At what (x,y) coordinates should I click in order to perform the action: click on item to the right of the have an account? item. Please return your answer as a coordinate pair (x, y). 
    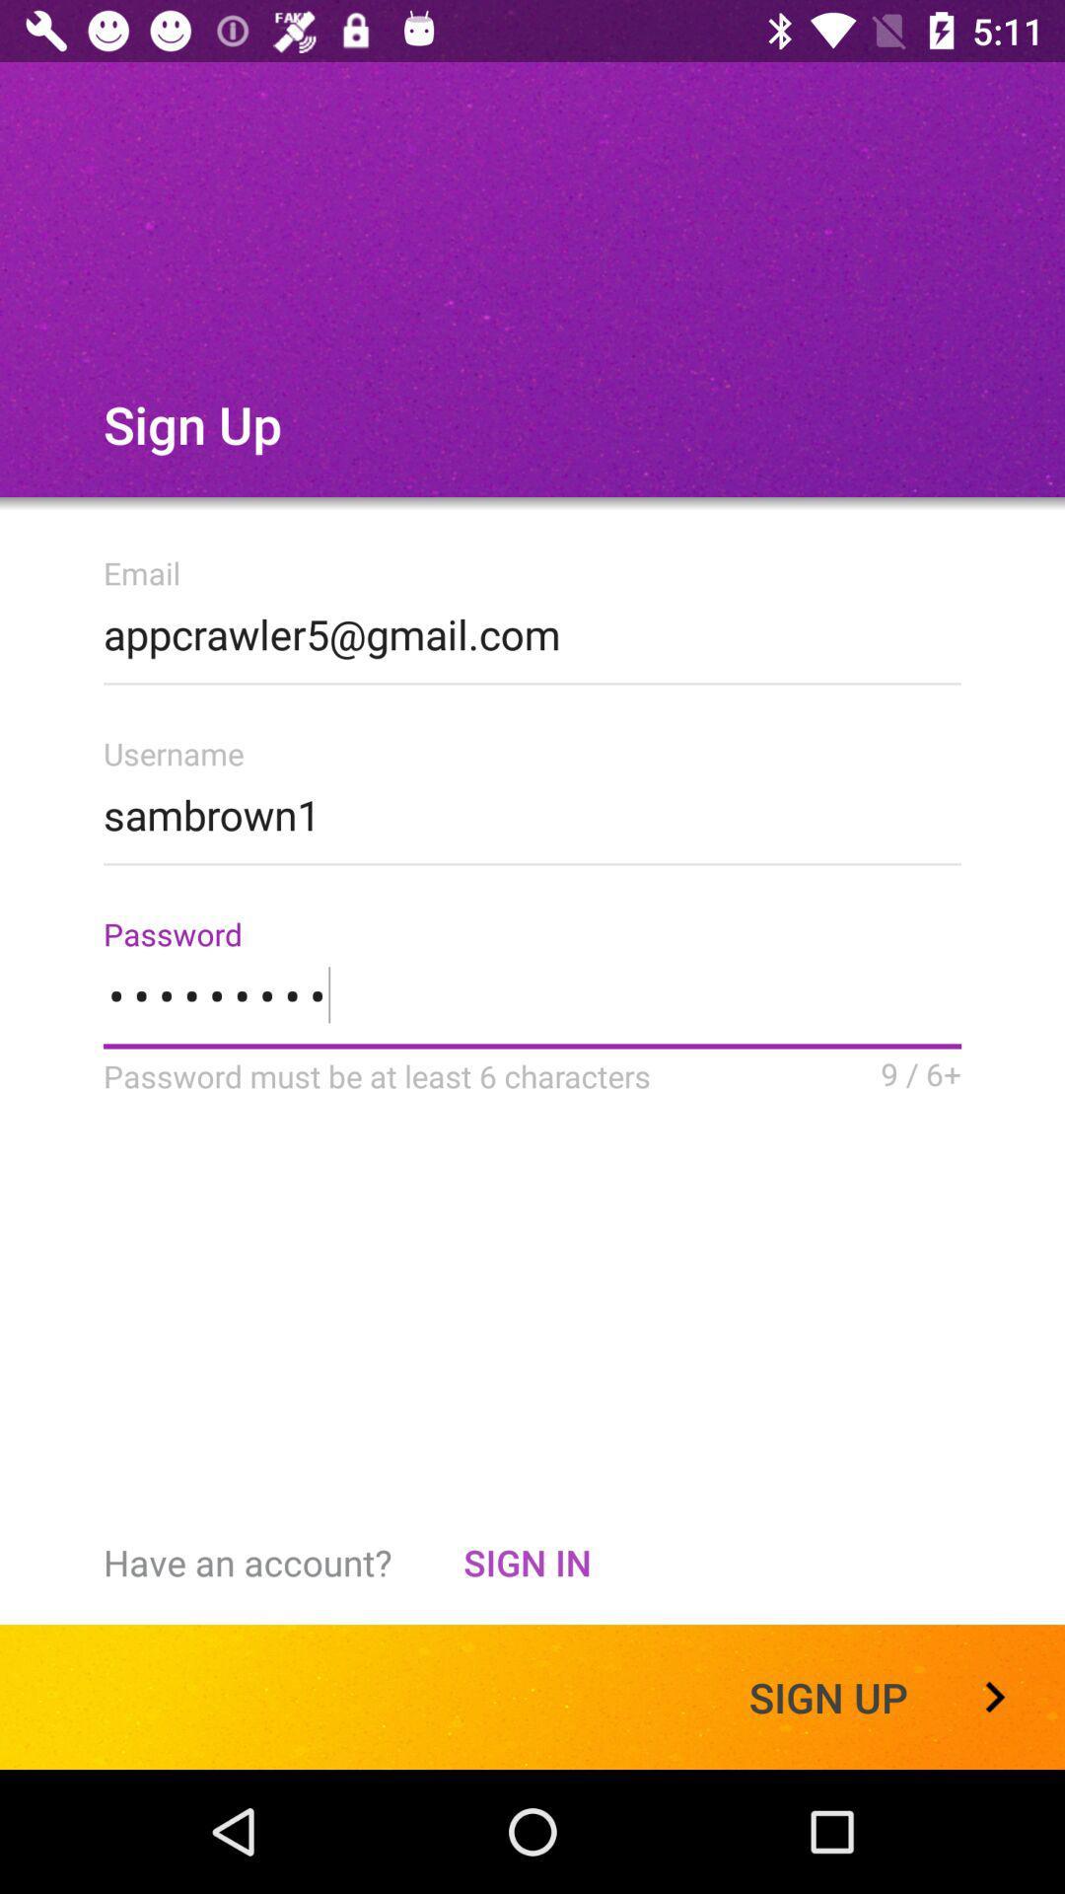
    Looking at the image, I should click on (526, 1562).